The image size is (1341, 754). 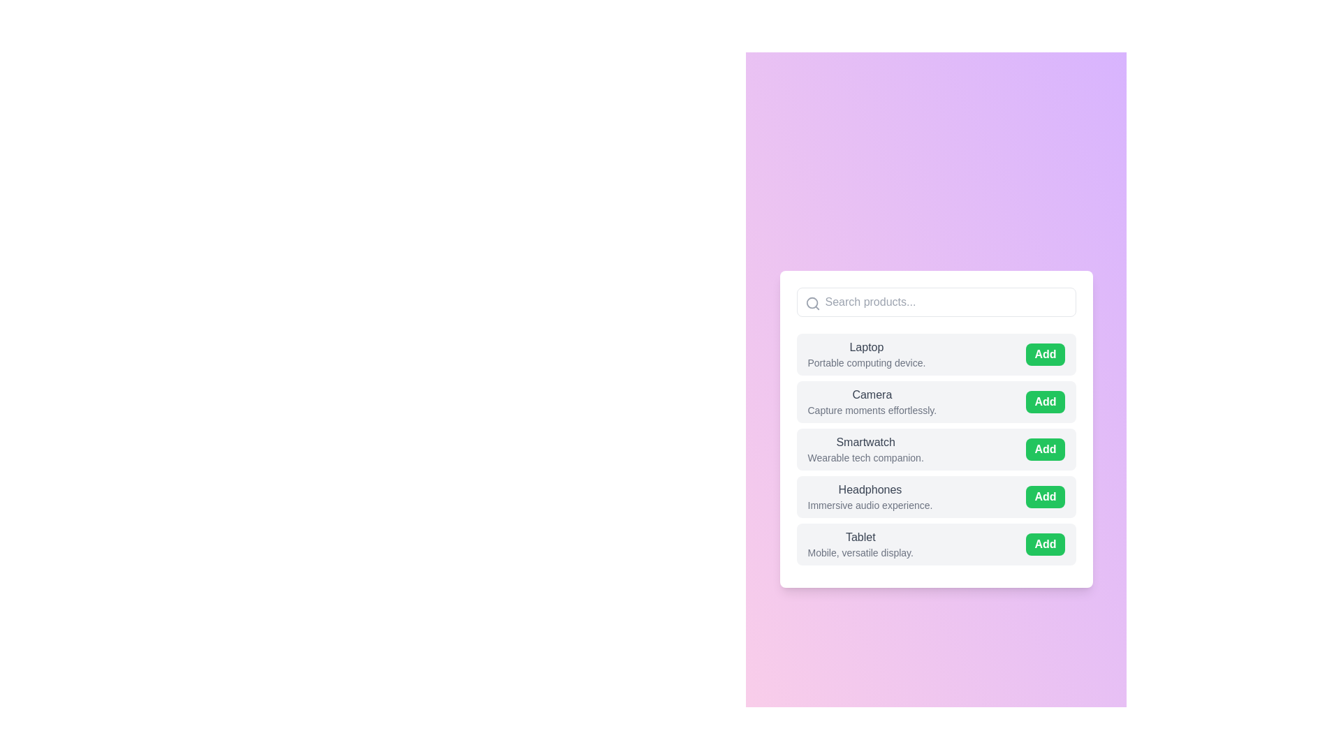 I want to click on the information provided by the text label that describes the product 'Headphones', located below the product title in the fourth item of the content listing, so click(x=870, y=505).